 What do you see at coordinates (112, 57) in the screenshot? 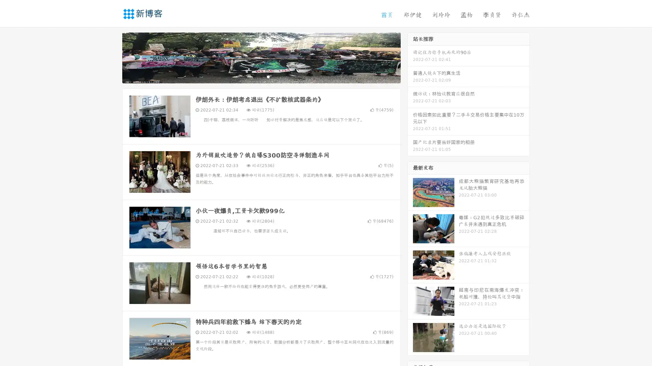
I see `Previous slide` at bounding box center [112, 57].